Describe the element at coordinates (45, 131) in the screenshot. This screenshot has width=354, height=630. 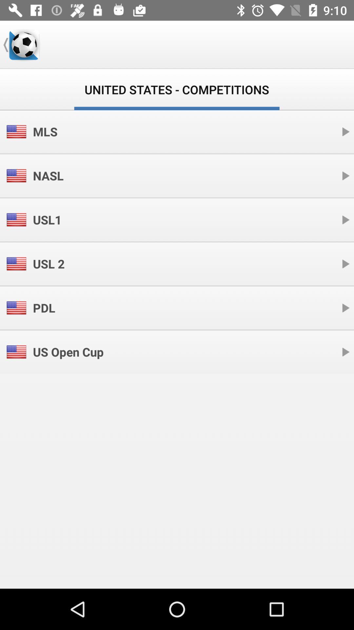
I see `mls` at that location.